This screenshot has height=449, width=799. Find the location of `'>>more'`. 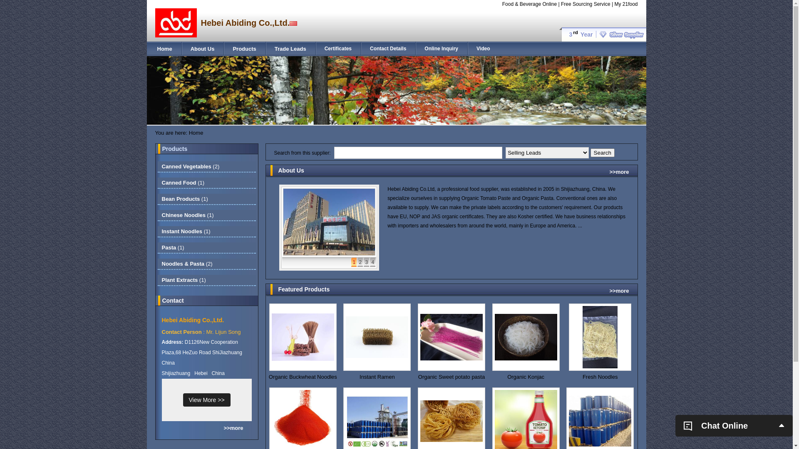

'>>more' is located at coordinates (619, 171).